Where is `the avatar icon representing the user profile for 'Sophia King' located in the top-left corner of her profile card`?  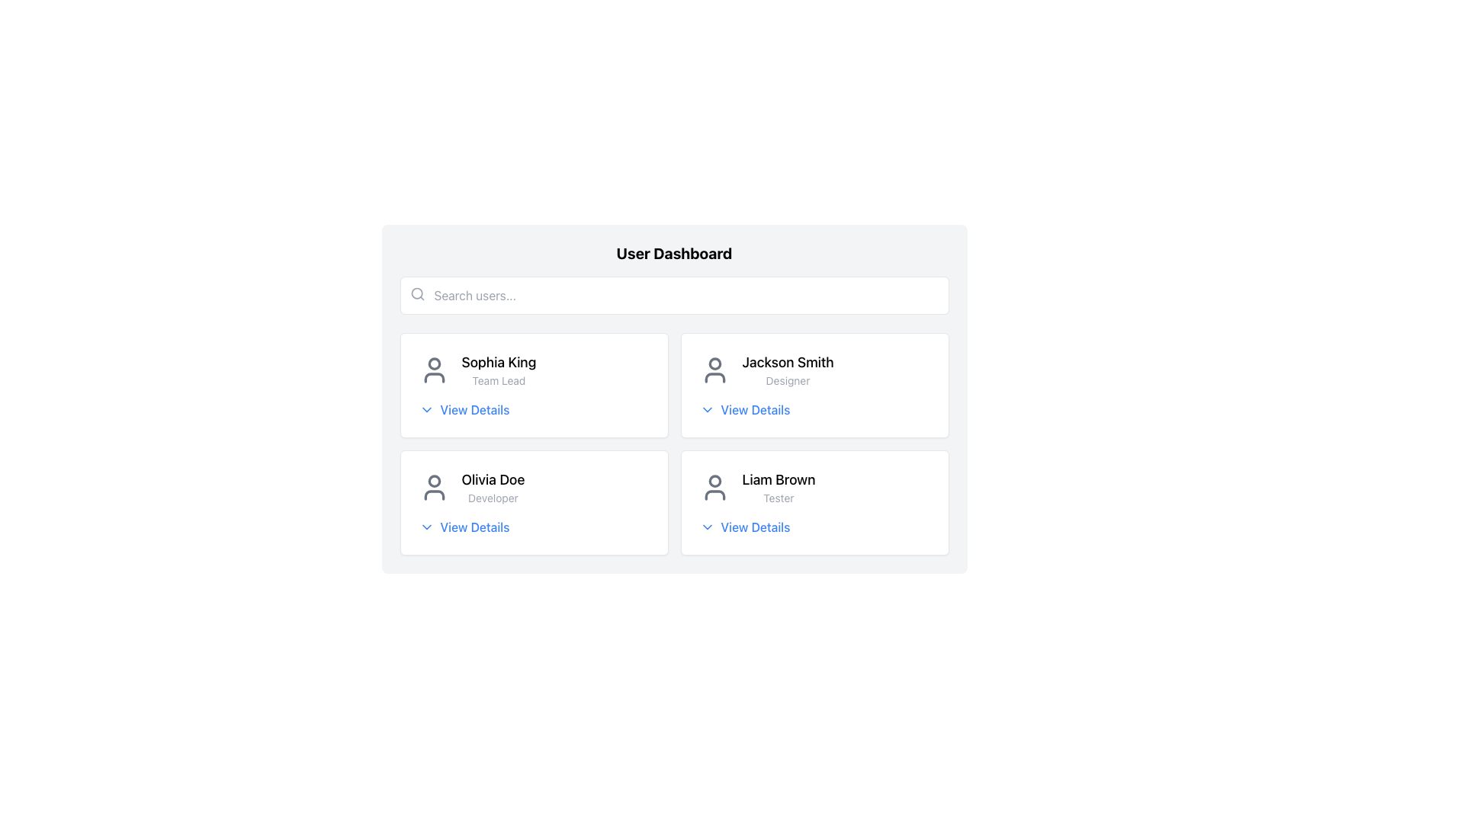 the avatar icon representing the user profile for 'Sophia King' located in the top-left corner of her profile card is located at coordinates (433, 370).